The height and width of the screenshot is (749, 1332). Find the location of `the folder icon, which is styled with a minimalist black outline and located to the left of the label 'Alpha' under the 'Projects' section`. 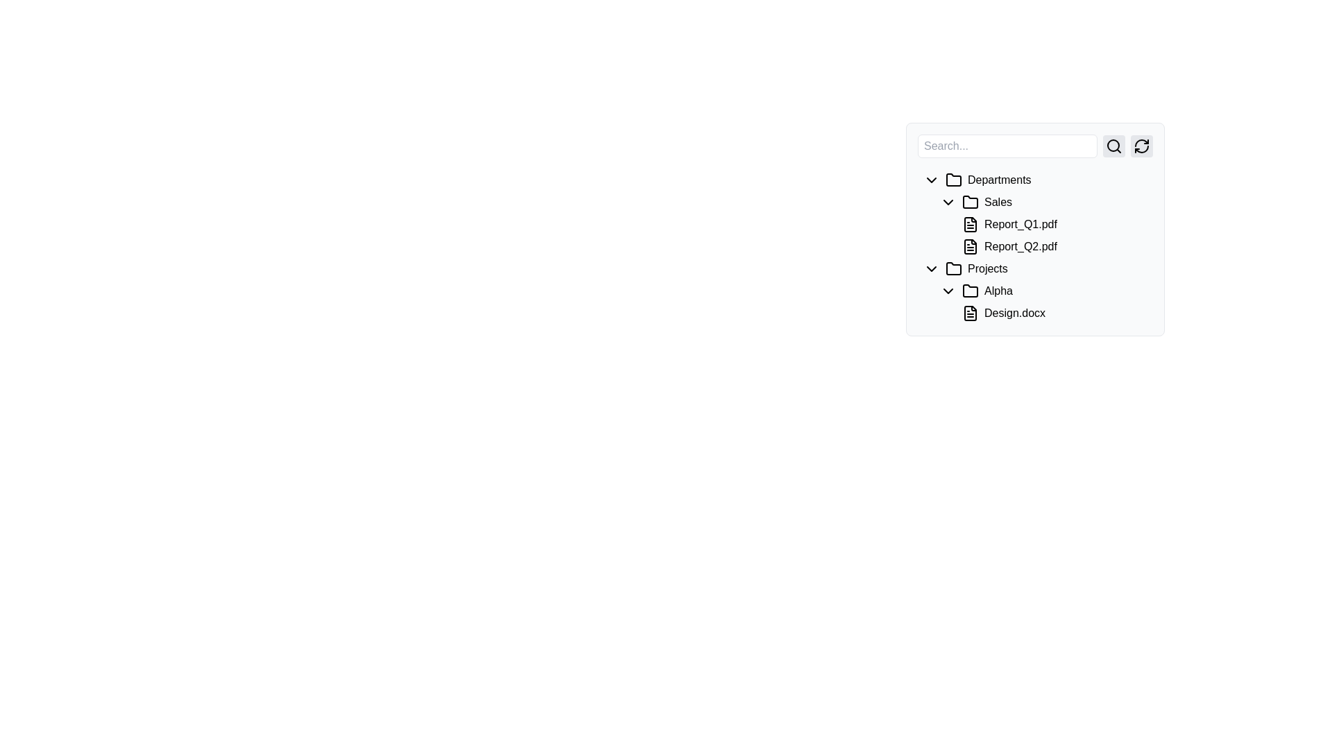

the folder icon, which is styled with a minimalist black outline and located to the left of the label 'Alpha' under the 'Projects' section is located at coordinates (969, 291).